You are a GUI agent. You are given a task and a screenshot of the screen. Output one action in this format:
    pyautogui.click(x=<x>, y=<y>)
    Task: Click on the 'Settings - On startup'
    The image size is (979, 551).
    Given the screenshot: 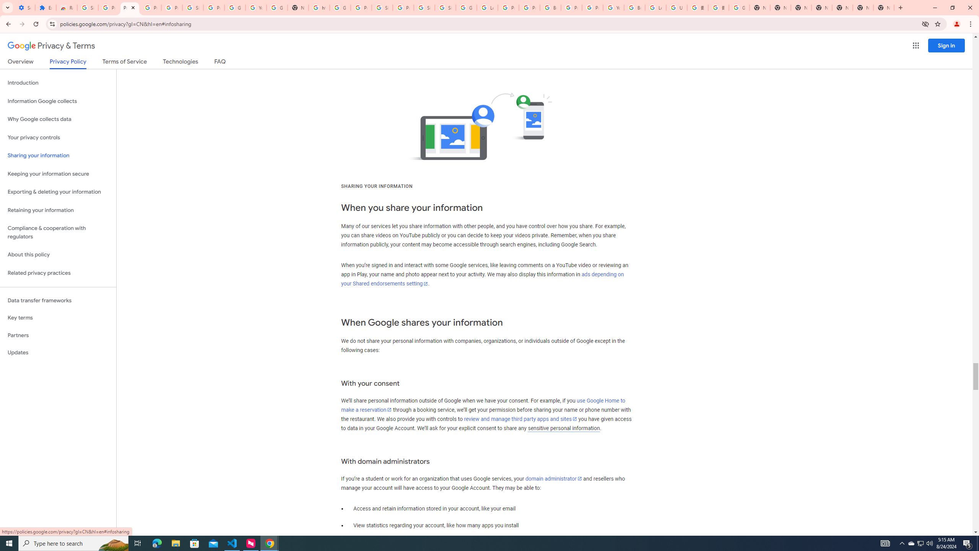 What is the action you would take?
    pyautogui.click(x=24, y=7)
    